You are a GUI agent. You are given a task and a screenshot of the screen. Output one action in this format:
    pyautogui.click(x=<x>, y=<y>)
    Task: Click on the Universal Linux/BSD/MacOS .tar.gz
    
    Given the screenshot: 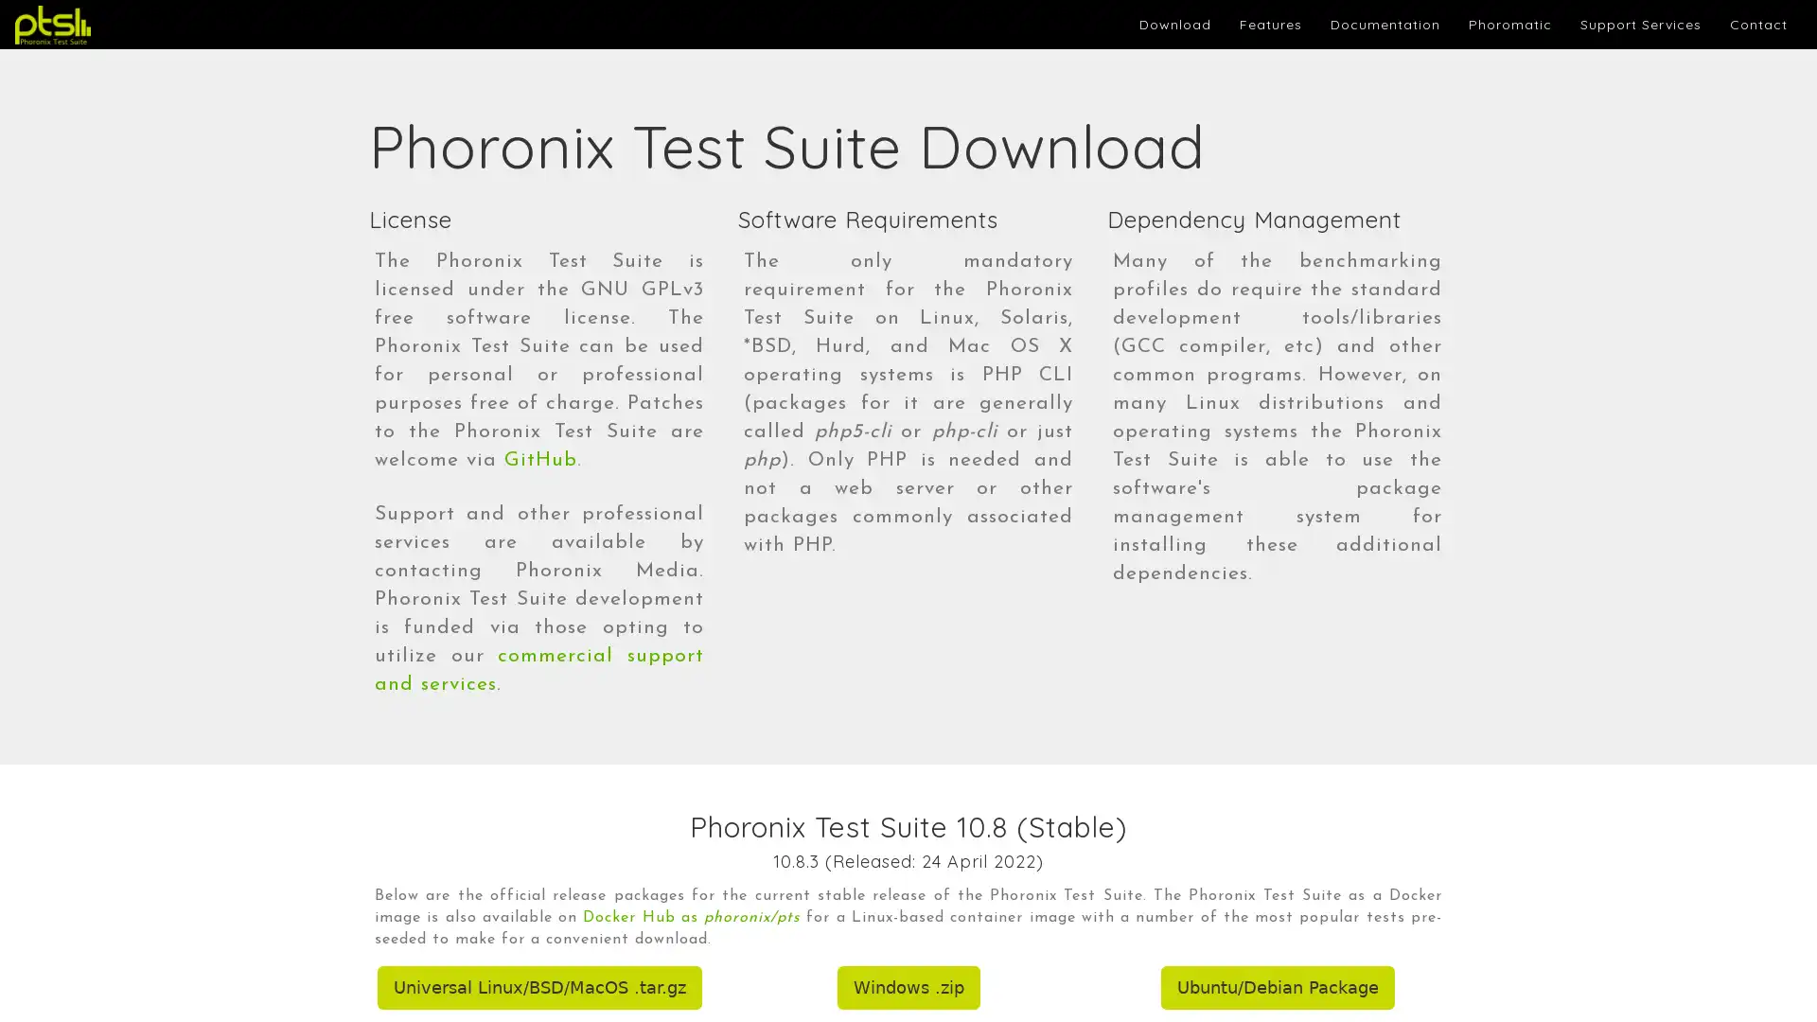 What is the action you would take?
    pyautogui.click(x=538, y=987)
    